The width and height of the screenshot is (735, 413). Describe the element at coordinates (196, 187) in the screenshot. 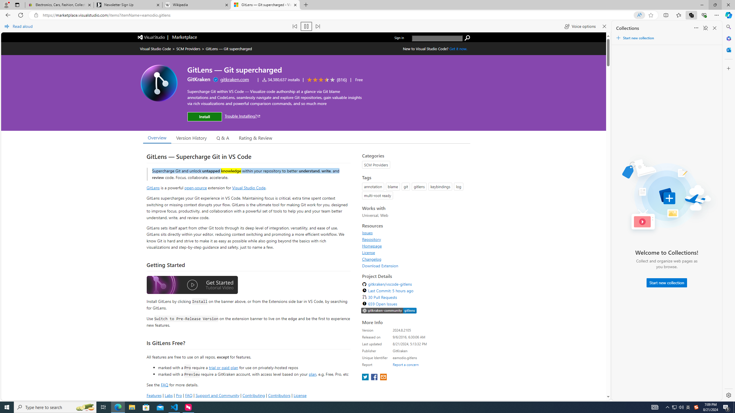

I see `'open-source'` at that location.